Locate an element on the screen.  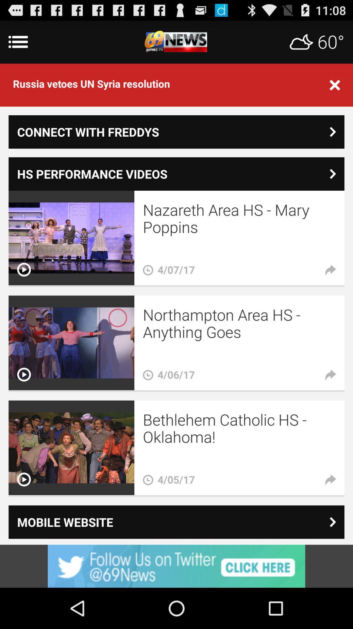
main menu is located at coordinates (176, 42).